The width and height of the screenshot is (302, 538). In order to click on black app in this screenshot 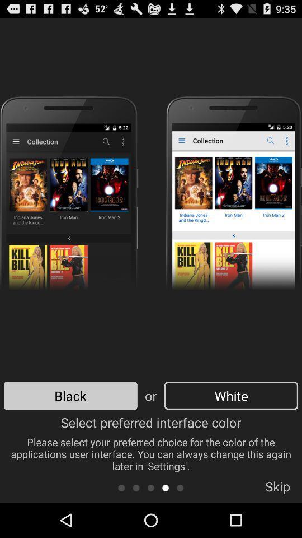, I will do `click(70, 396)`.